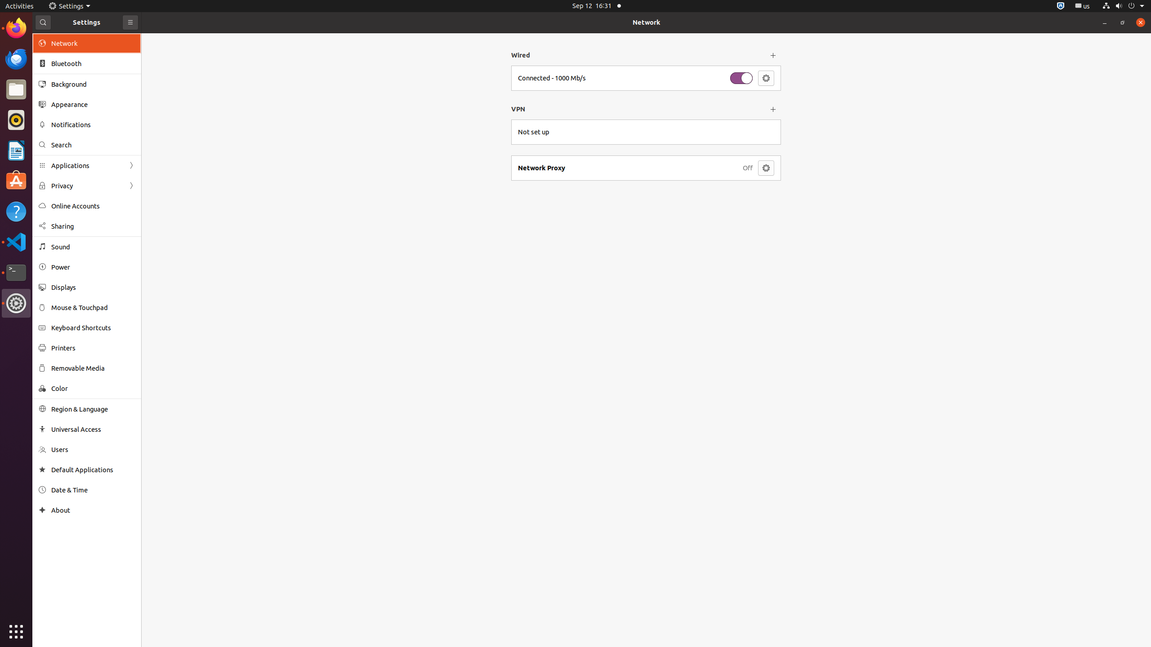 The image size is (1151, 647). I want to click on 'Wired', so click(638, 55).